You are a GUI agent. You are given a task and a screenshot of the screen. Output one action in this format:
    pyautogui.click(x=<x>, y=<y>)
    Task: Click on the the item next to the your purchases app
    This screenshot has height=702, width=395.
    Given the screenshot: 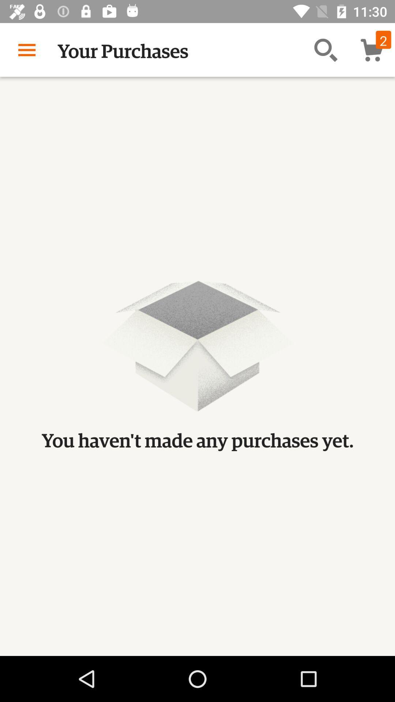 What is the action you would take?
    pyautogui.click(x=326, y=49)
    